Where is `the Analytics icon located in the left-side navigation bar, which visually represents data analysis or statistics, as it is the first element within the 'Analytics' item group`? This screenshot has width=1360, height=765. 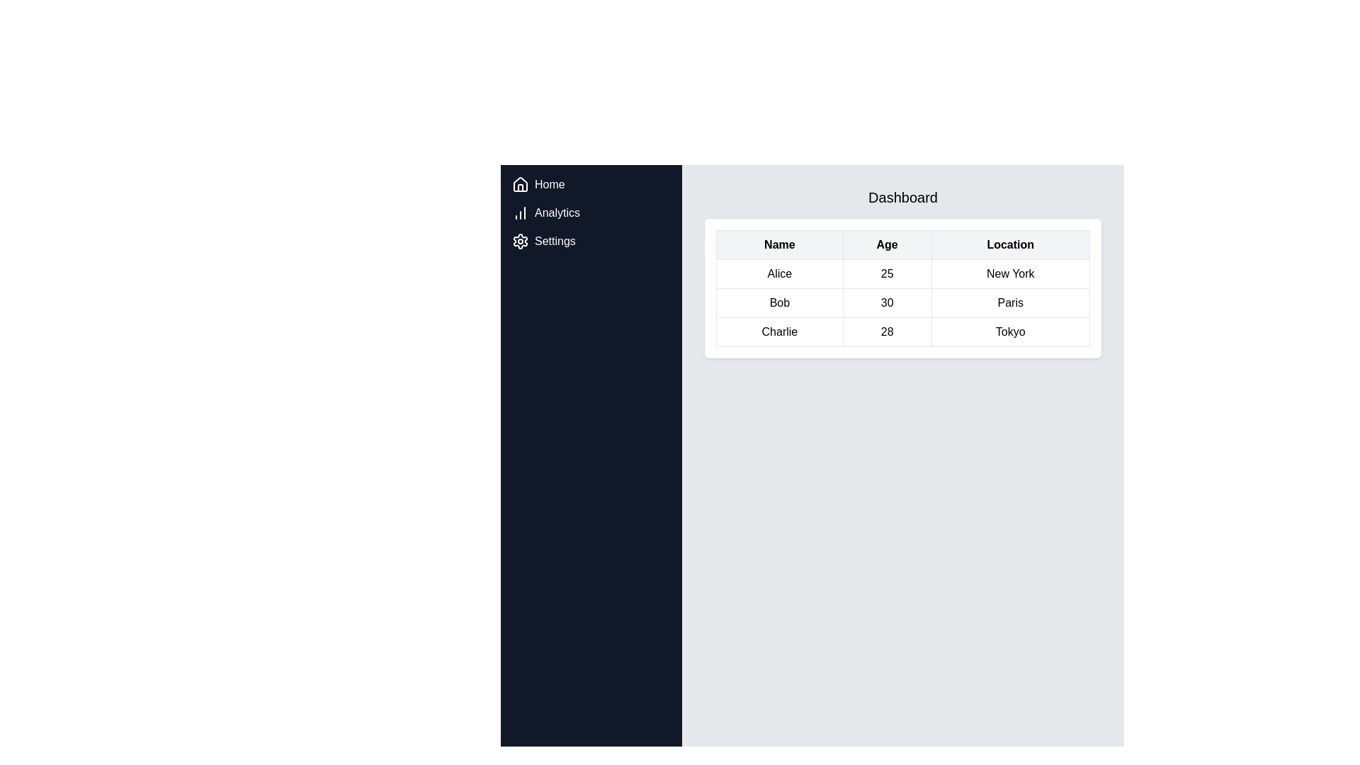 the Analytics icon located in the left-side navigation bar, which visually represents data analysis or statistics, as it is the first element within the 'Analytics' item group is located at coordinates (519, 212).